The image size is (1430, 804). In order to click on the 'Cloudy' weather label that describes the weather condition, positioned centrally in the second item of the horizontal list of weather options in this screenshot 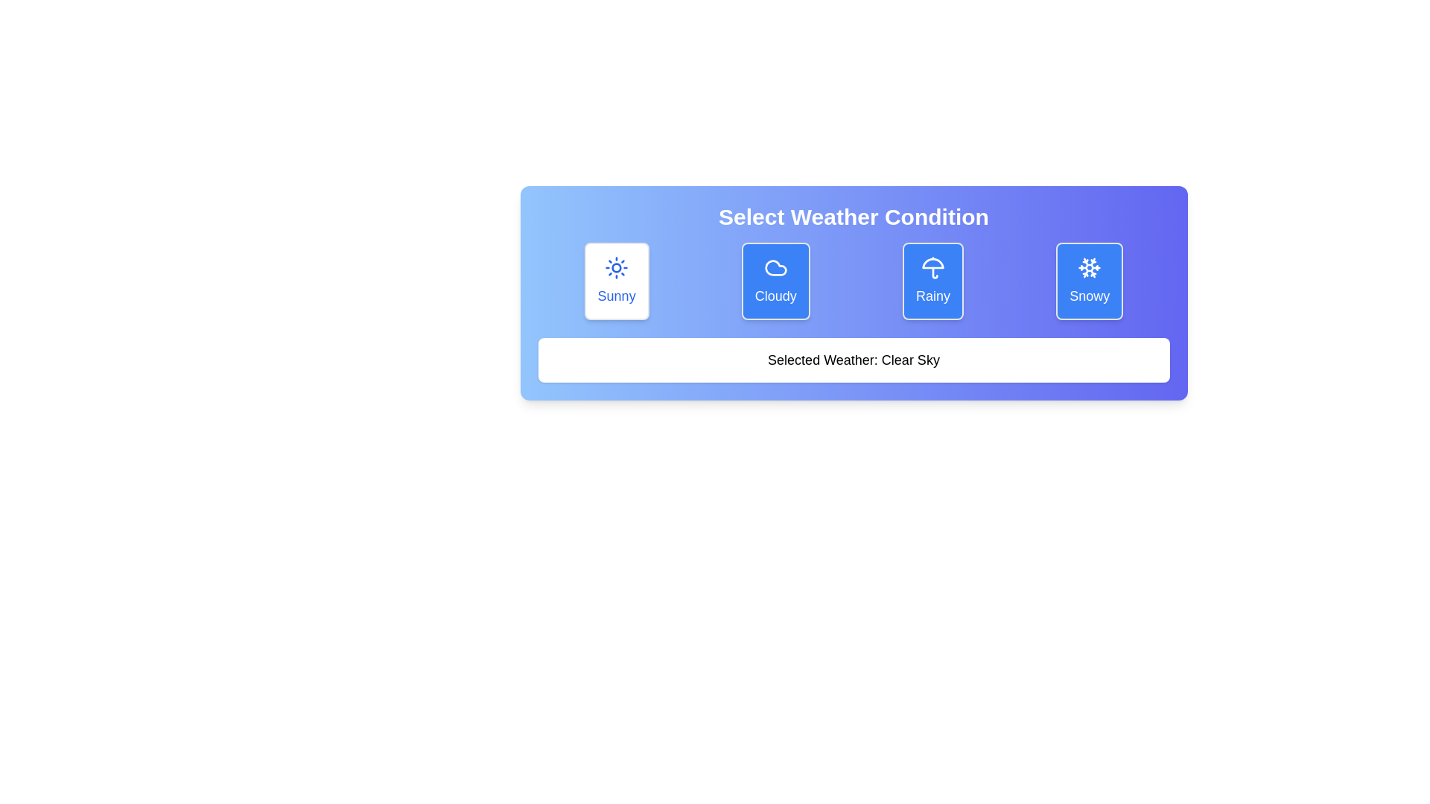, I will do `click(775, 296)`.